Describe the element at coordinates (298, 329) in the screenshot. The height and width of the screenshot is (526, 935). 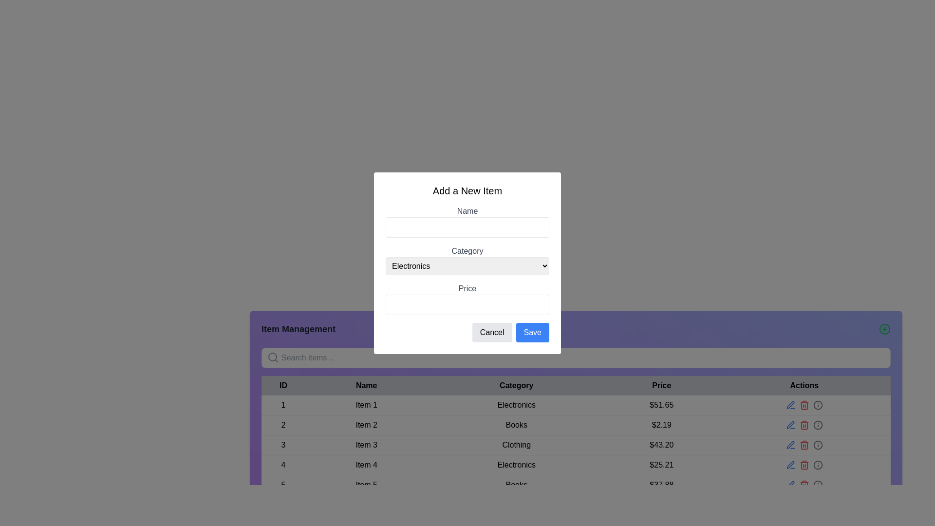
I see `the text label that serves as the title or header for the management interface, located in the top-left corner of its section` at that location.